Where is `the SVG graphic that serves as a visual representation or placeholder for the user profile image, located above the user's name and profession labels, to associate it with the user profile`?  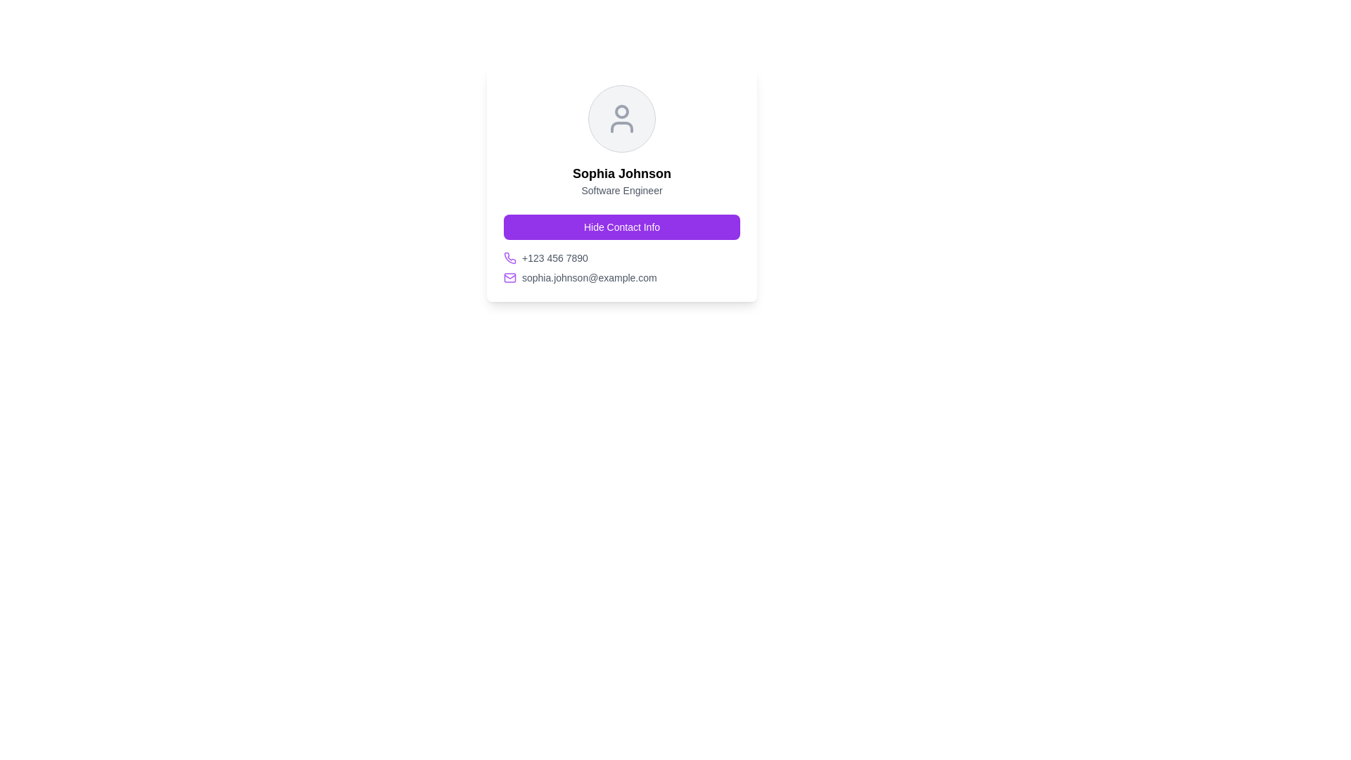
the SVG graphic that serves as a visual representation or placeholder for the user profile image, located above the user's name and profession labels, to associate it with the user profile is located at coordinates (621, 118).